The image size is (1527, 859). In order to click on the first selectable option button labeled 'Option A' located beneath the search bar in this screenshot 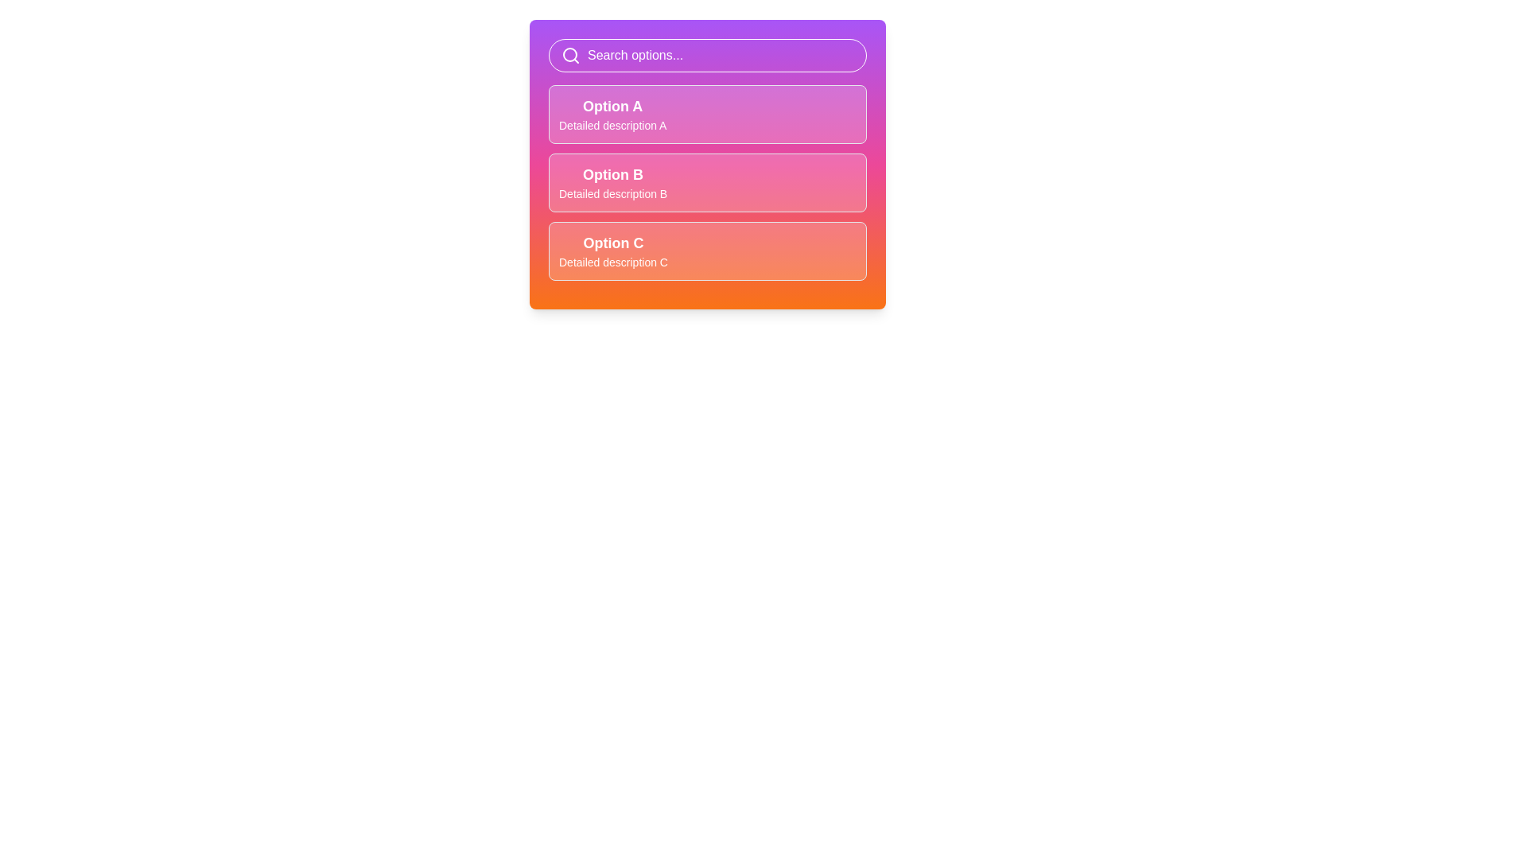, I will do `click(706, 113)`.